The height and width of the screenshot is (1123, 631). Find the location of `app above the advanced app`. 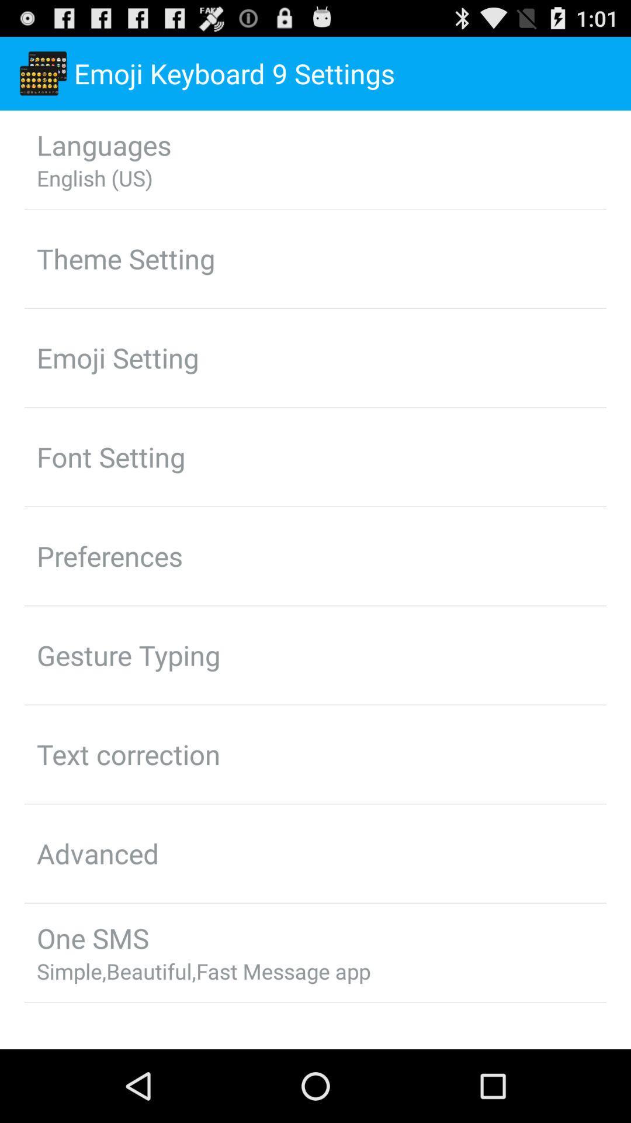

app above the advanced app is located at coordinates (129, 754).